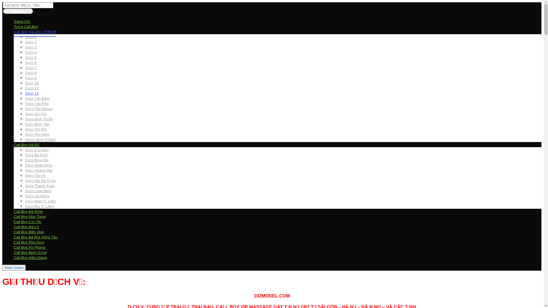 The width and height of the screenshot is (548, 308). What do you see at coordinates (3, 11) in the screenshot?
I see `'Search'` at bounding box center [3, 11].